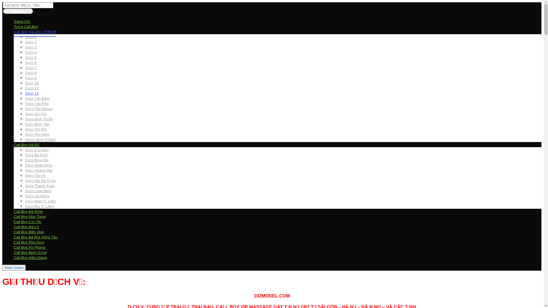 The width and height of the screenshot is (548, 308). What do you see at coordinates (3, 11) in the screenshot?
I see `'Search'` at bounding box center [3, 11].